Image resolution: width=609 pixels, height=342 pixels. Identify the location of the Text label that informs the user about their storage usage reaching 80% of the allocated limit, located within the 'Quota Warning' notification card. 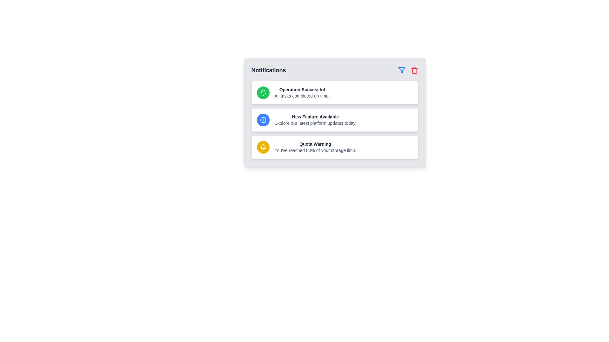
(315, 150).